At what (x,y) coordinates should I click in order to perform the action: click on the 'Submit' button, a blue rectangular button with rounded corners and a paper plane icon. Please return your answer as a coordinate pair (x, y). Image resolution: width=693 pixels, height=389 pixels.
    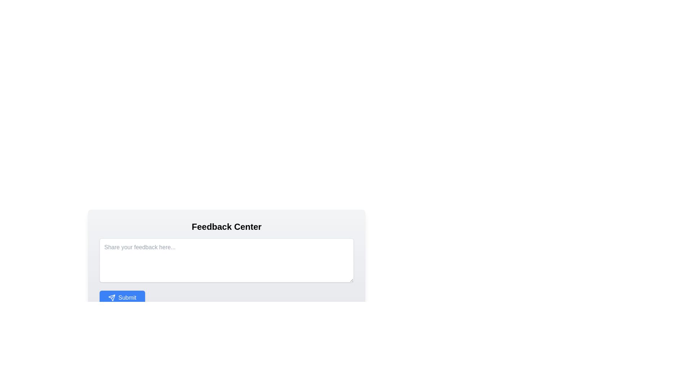
    Looking at the image, I should click on (122, 298).